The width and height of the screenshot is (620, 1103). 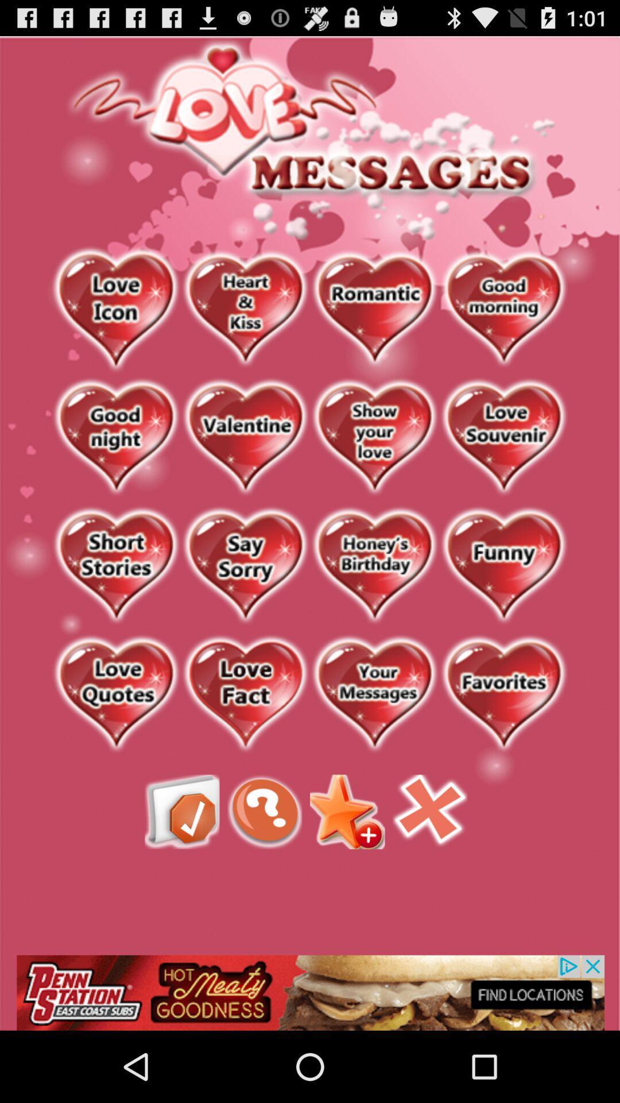 I want to click on romantic messages, so click(x=374, y=310).